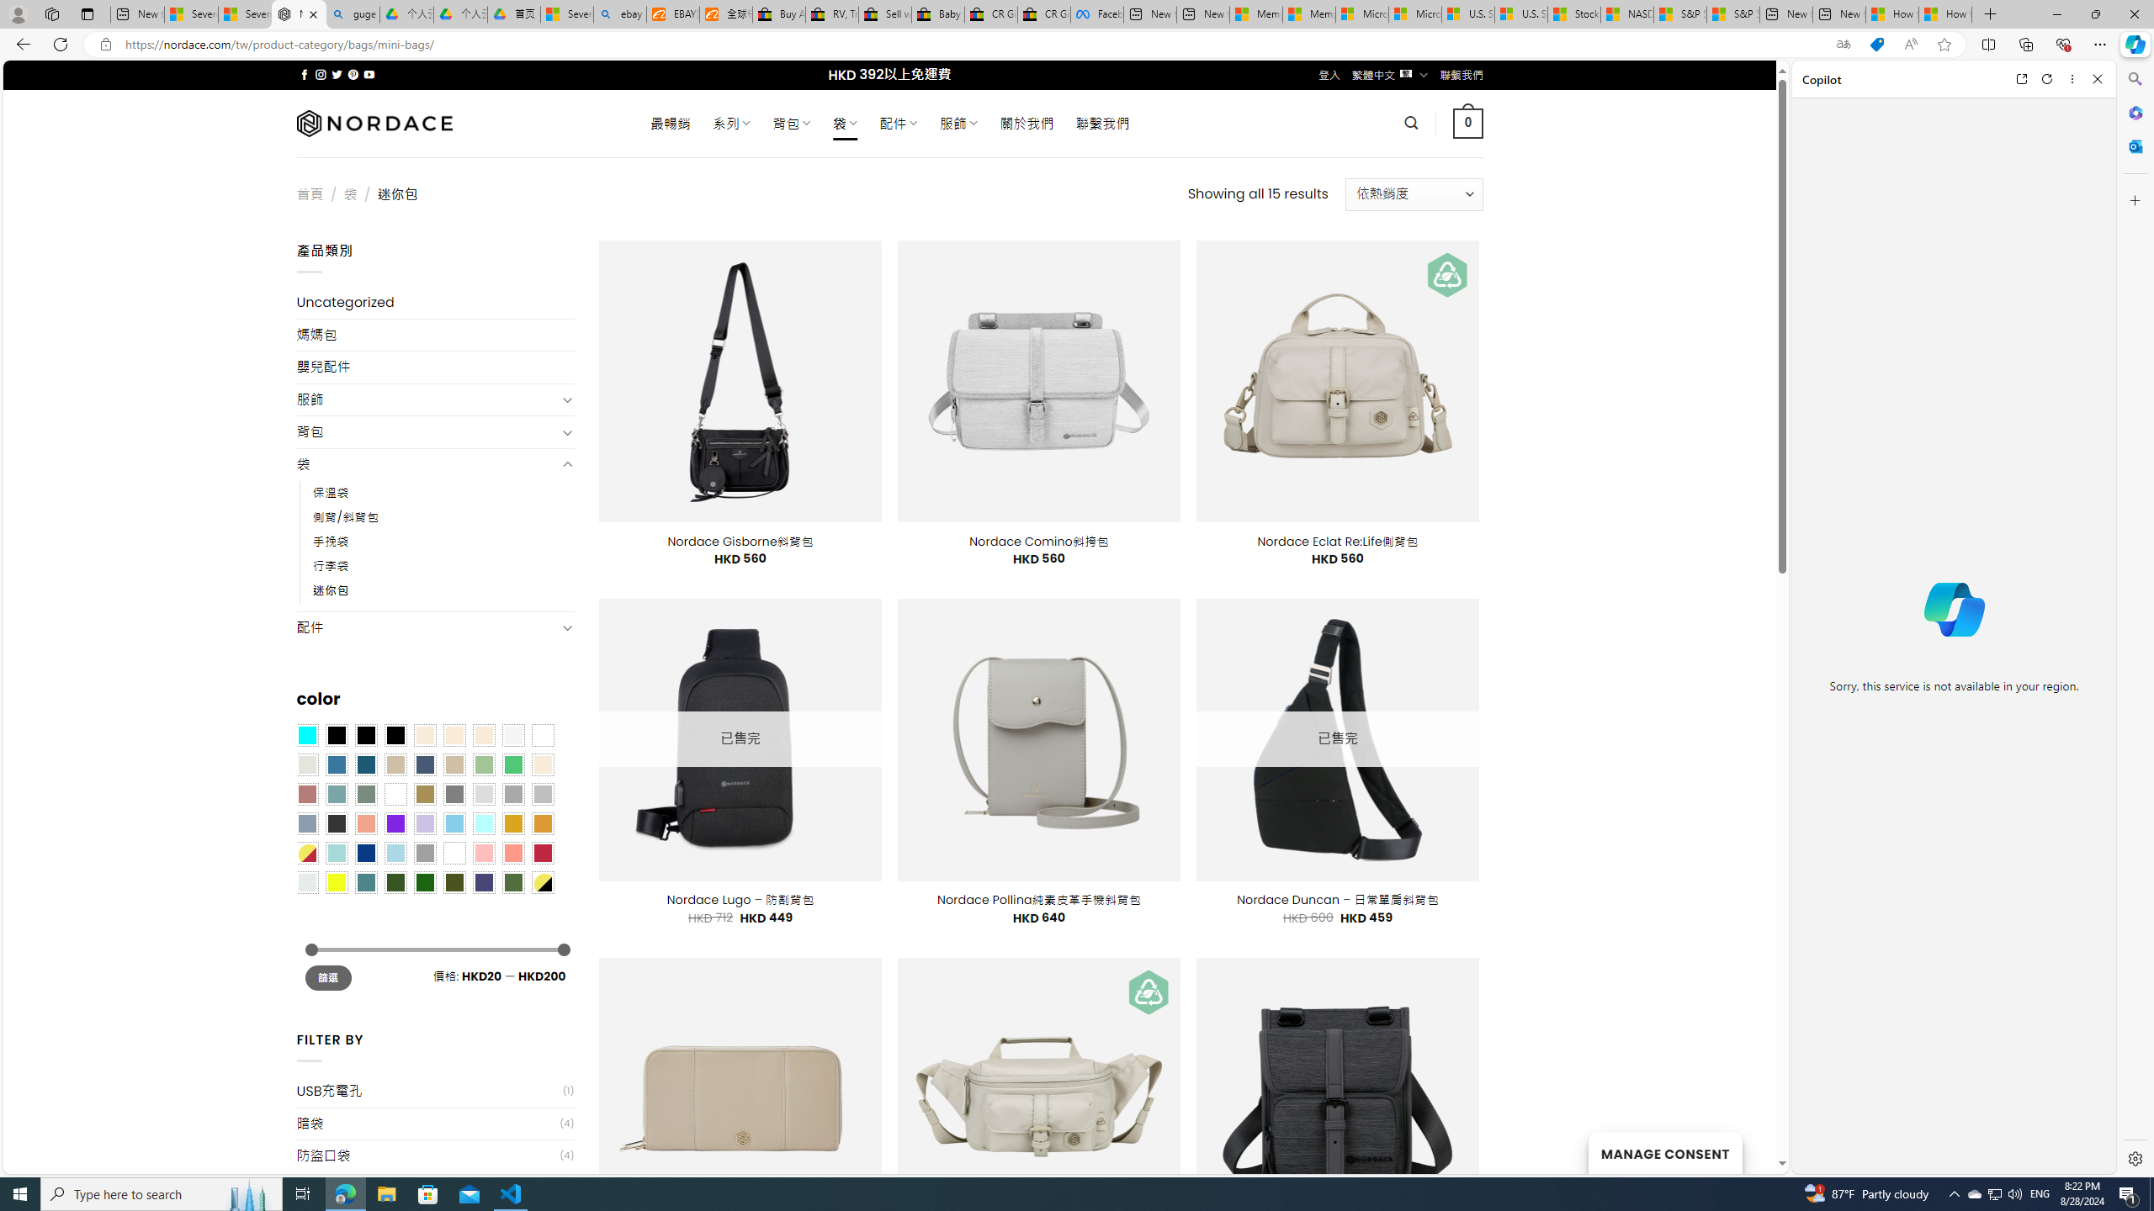  I want to click on 'Nordace', so click(374, 122).